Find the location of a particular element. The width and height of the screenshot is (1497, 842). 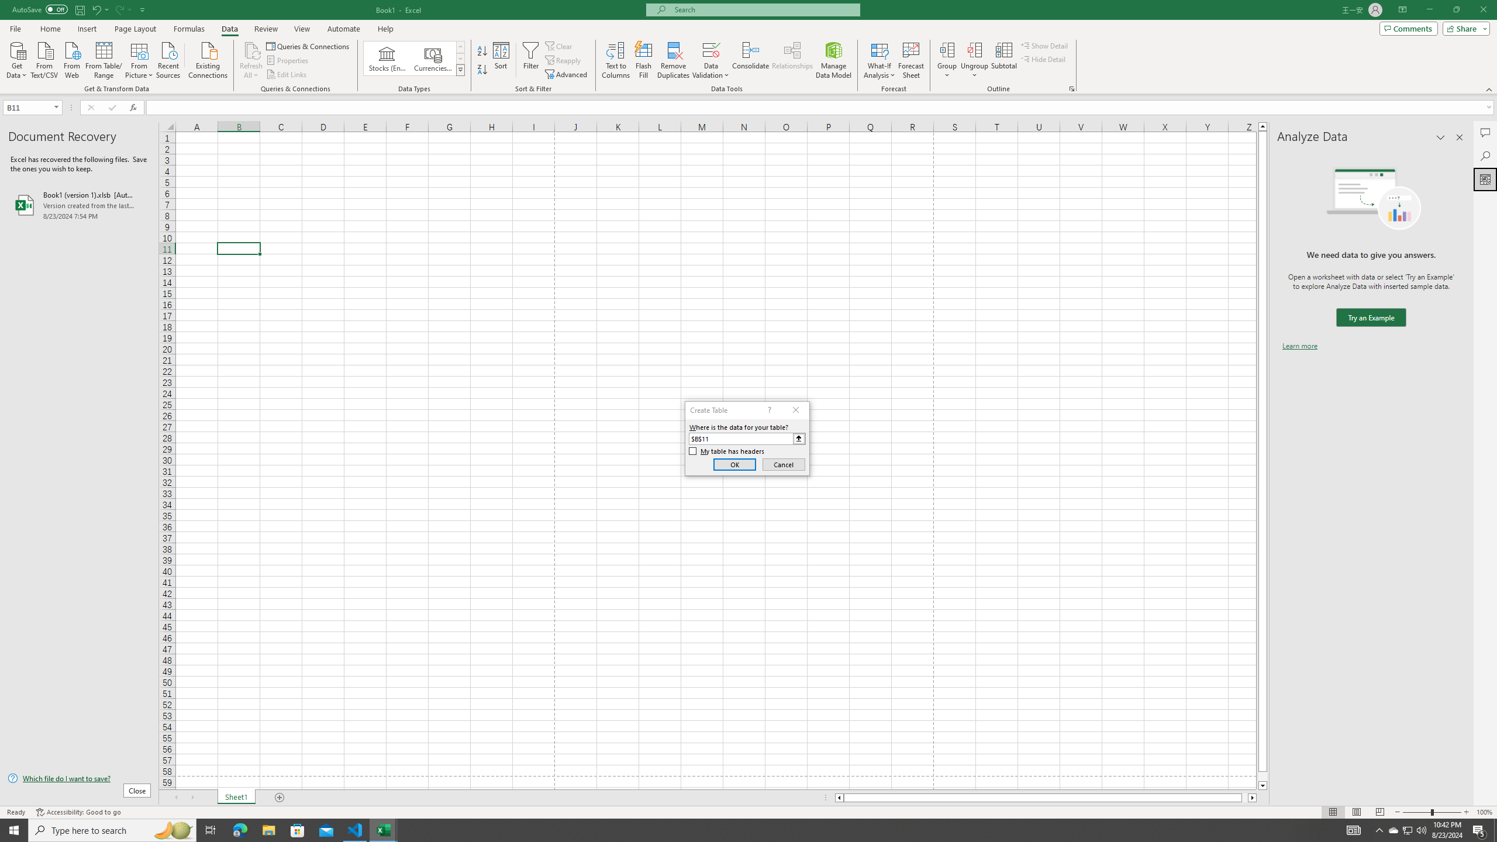

'Automate' is located at coordinates (343, 29).